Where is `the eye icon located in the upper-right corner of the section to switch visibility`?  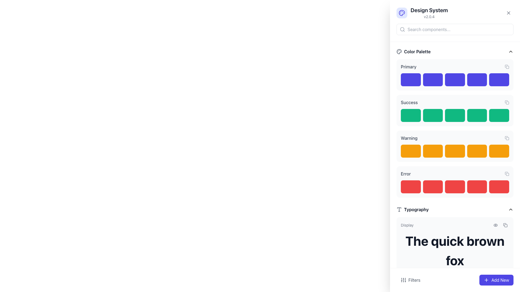 the eye icon located in the upper-right corner of the section to switch visibility is located at coordinates (495, 225).